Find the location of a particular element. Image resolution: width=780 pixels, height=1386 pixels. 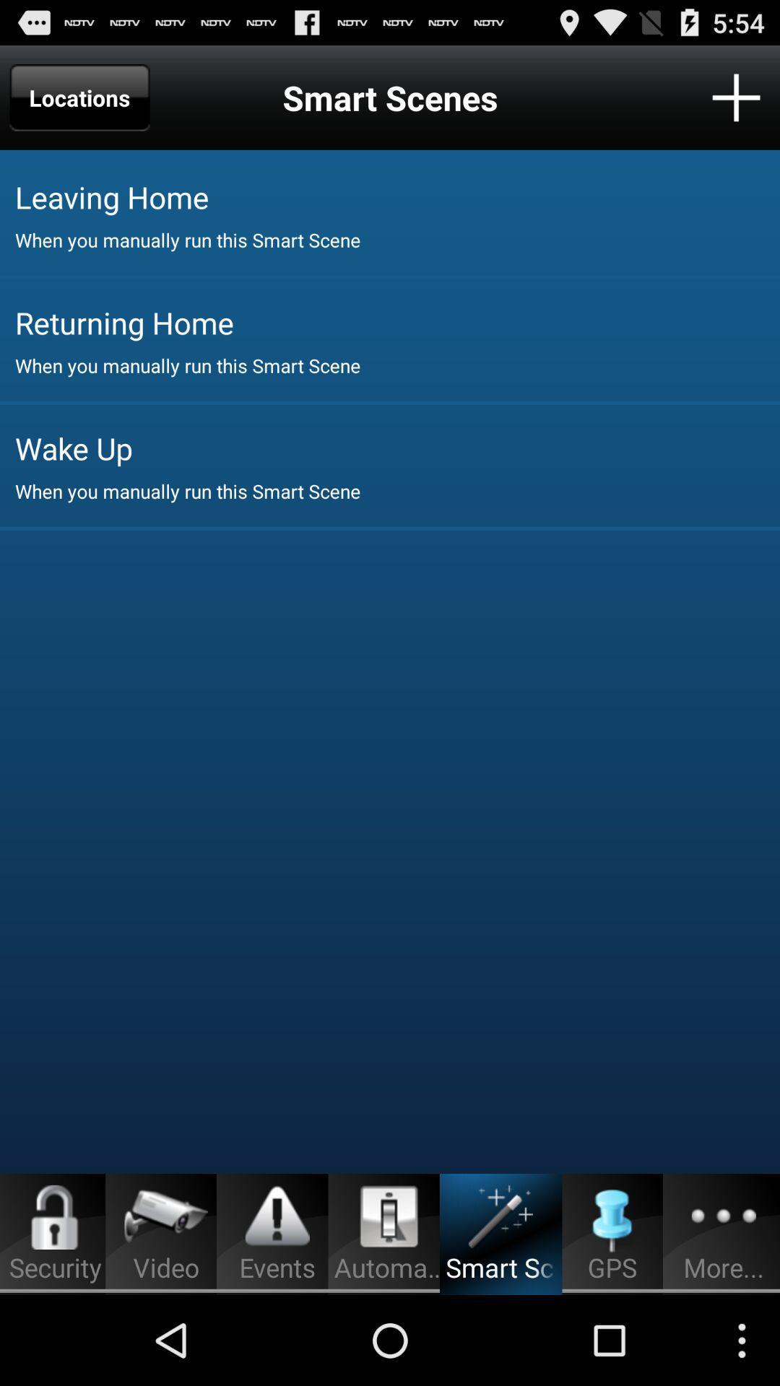

the icon above when you manually app is located at coordinates (397, 196).